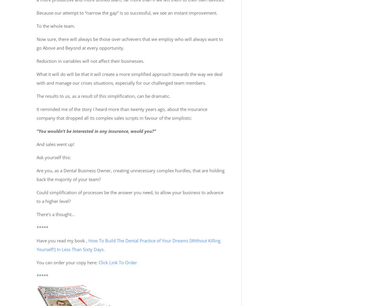 This screenshot has width=366, height=306. What do you see at coordinates (67, 262) in the screenshot?
I see `'You can order your copy here:'` at bounding box center [67, 262].